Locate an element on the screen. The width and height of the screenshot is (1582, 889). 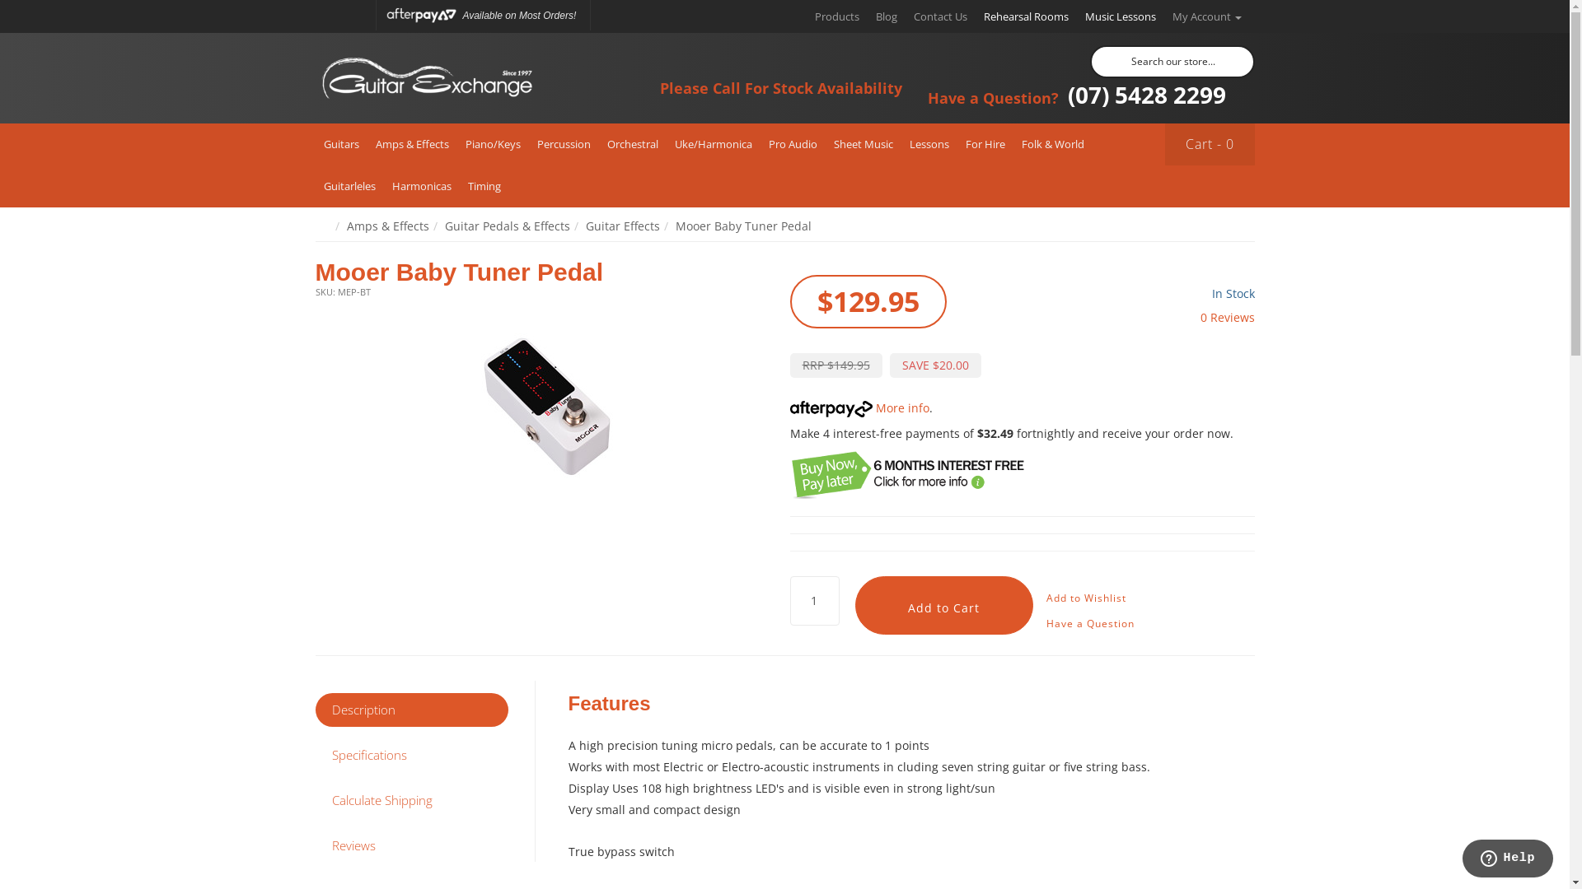
'Guitar Effects' is located at coordinates (620, 226).